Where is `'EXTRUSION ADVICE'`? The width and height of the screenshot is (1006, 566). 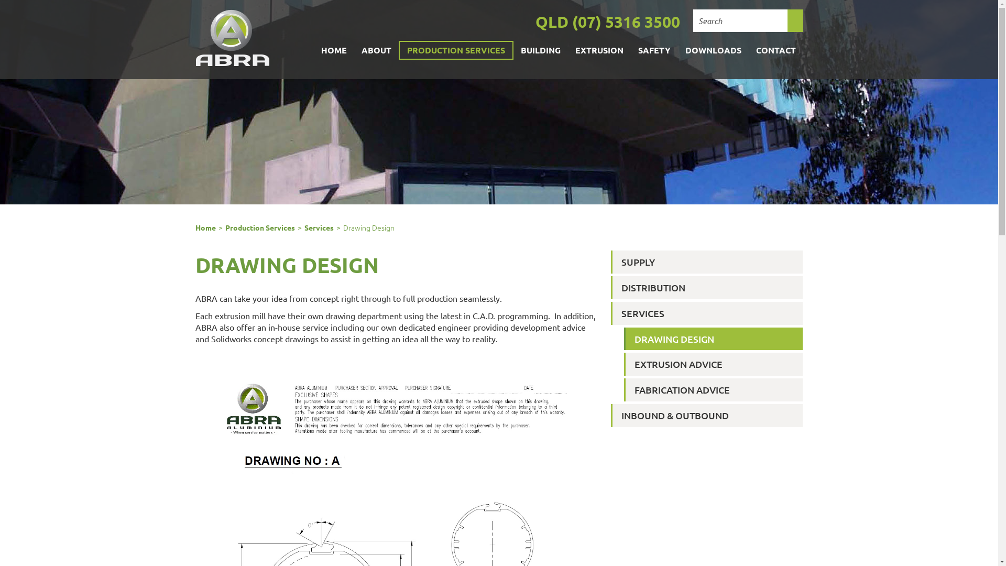 'EXTRUSION ADVICE' is located at coordinates (713, 363).